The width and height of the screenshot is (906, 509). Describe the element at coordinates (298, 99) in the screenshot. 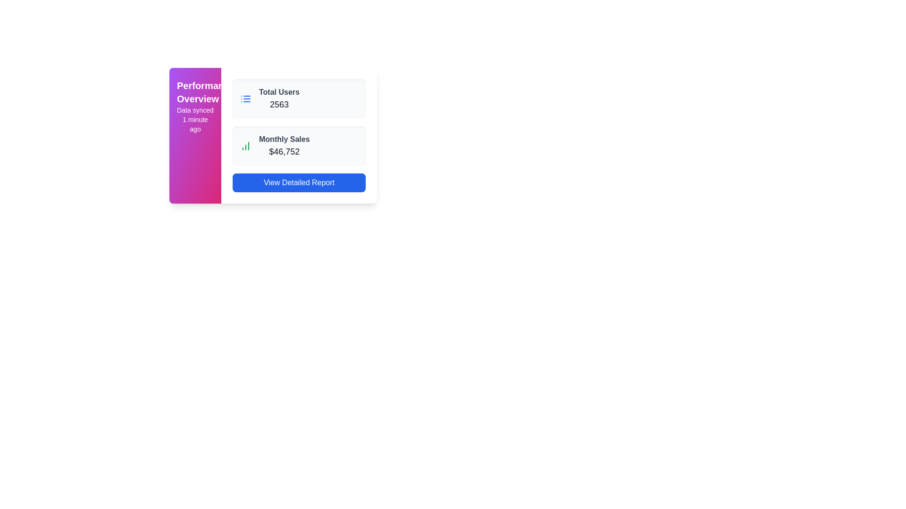

I see `displayed information on the Information Card labeled 'Total Users' with the value '2563' located at the top of the stack in the central area of the interface` at that location.